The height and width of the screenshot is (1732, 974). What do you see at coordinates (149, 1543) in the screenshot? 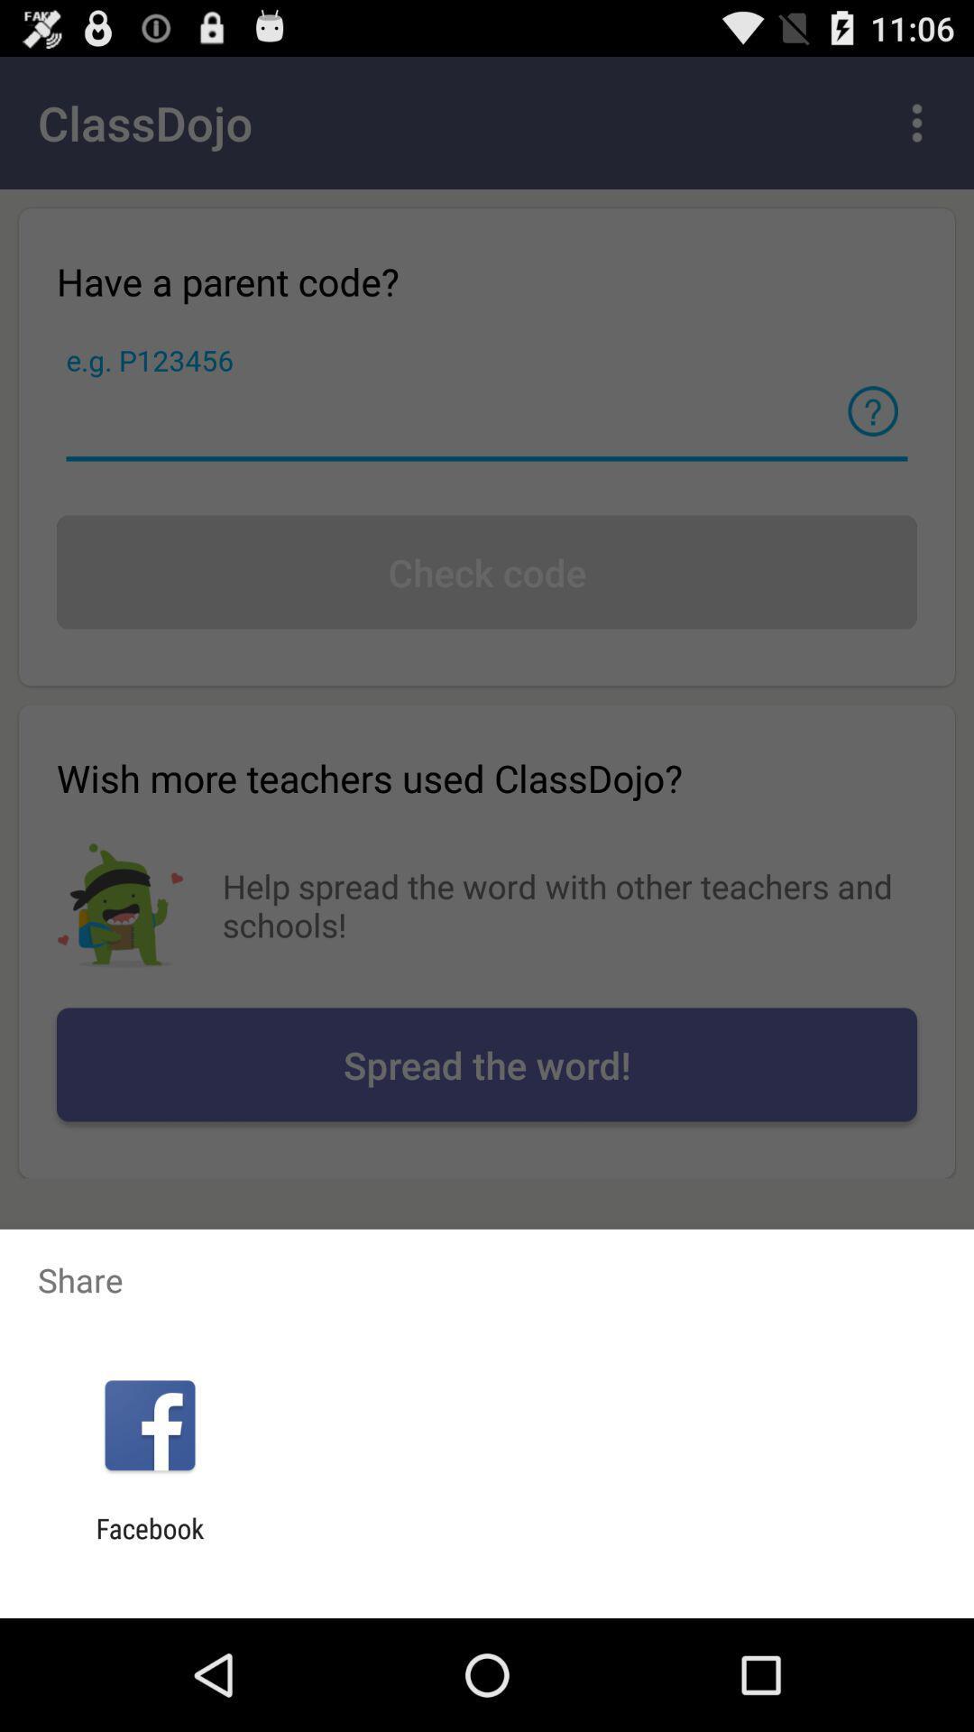
I see `the facebook app` at bounding box center [149, 1543].